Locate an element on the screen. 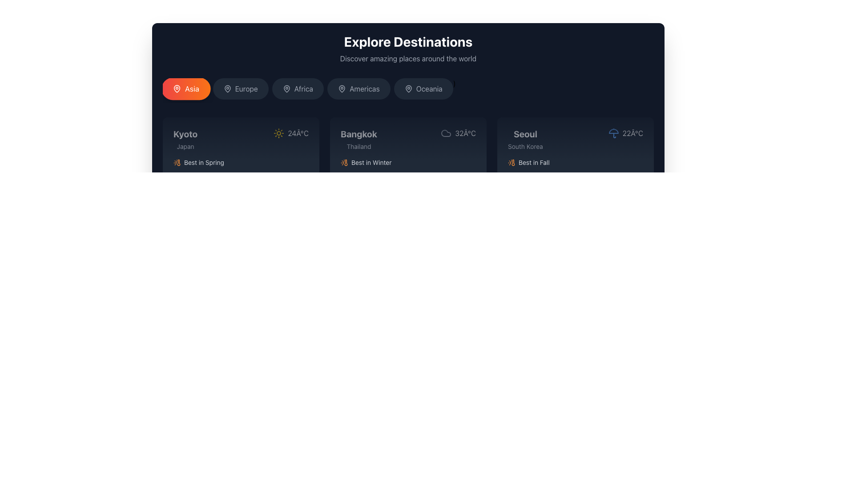 This screenshot has height=480, width=854. the non-interactive text label that indicates the geographic region 'Africa', which is the third clickable option in a horizontal list of buttons, positioned between 'Europe' and 'Americas' is located at coordinates (303, 89).